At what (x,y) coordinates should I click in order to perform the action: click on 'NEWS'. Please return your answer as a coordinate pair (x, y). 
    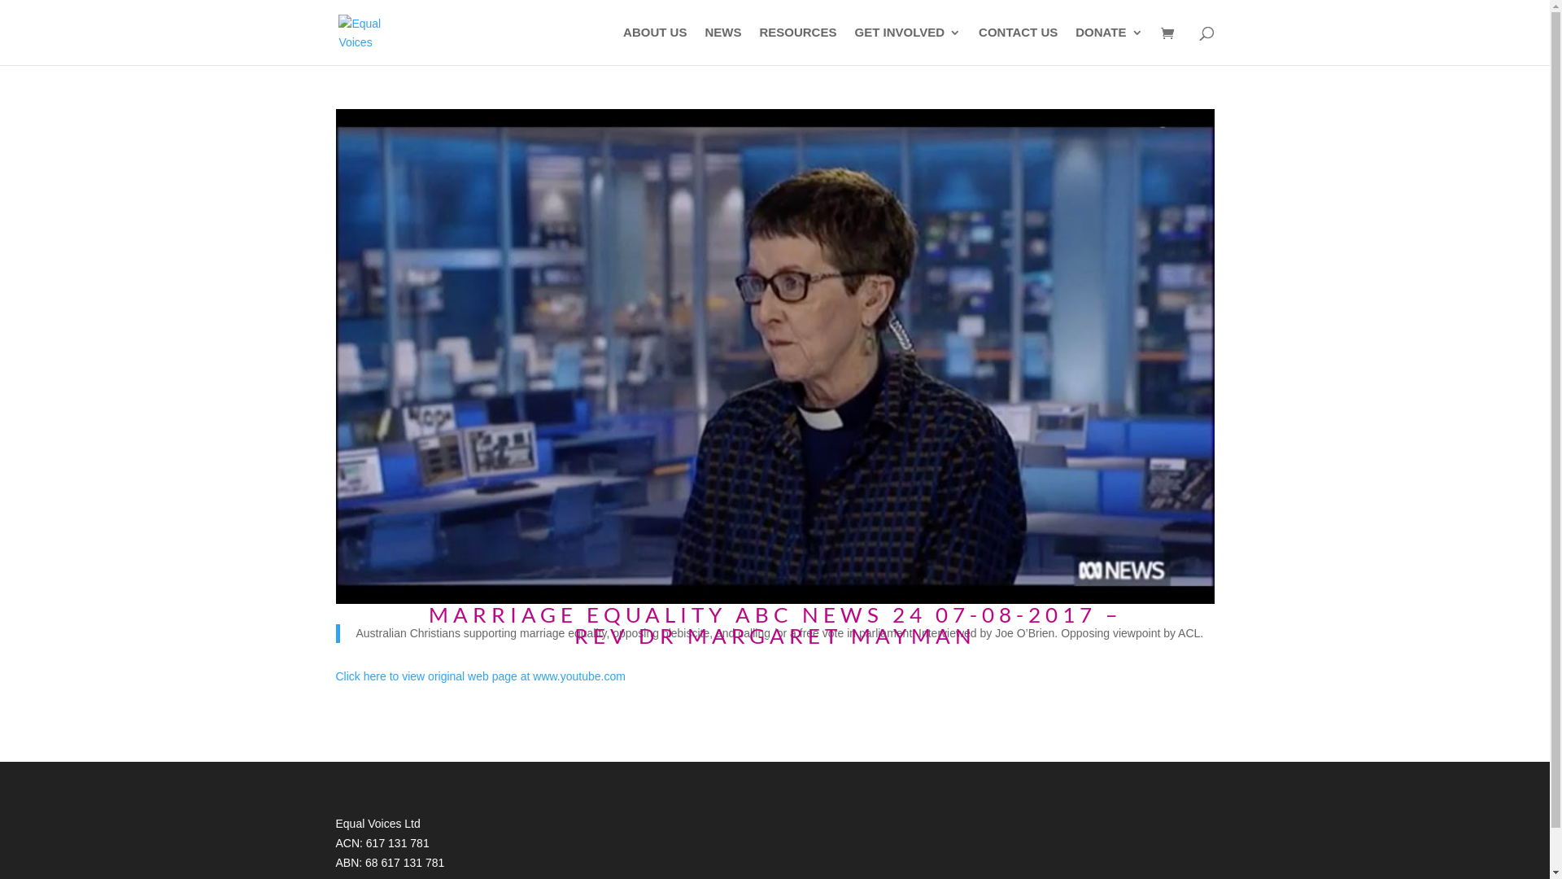
    Looking at the image, I should click on (722, 45).